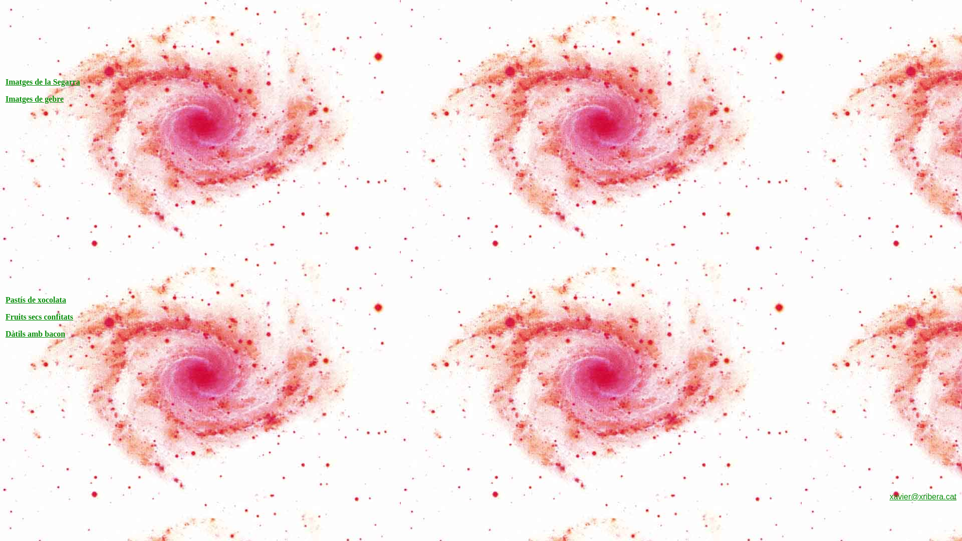 The height and width of the screenshot is (541, 962). Describe the element at coordinates (922, 496) in the screenshot. I see `'xavier@xribera.cat'` at that location.